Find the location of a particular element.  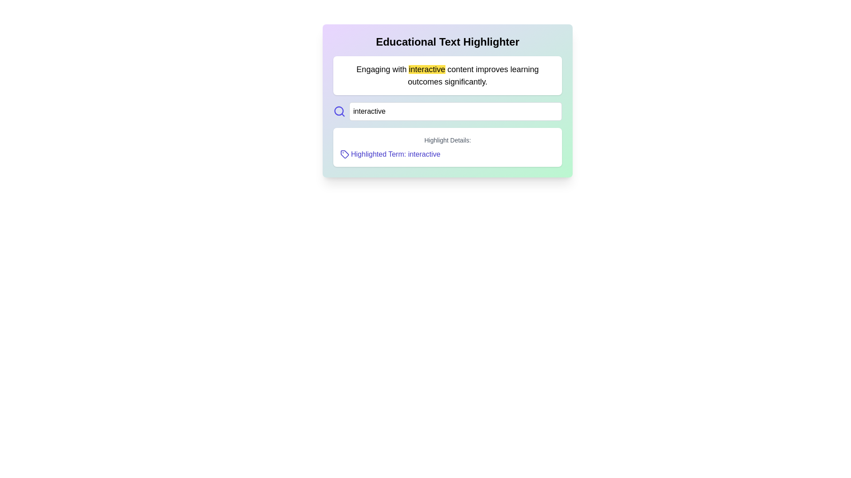

the blue-indigo magnifying glass icon located immediately to the left of the text input field with placeholder 'Enter term is located at coordinates (339, 111).